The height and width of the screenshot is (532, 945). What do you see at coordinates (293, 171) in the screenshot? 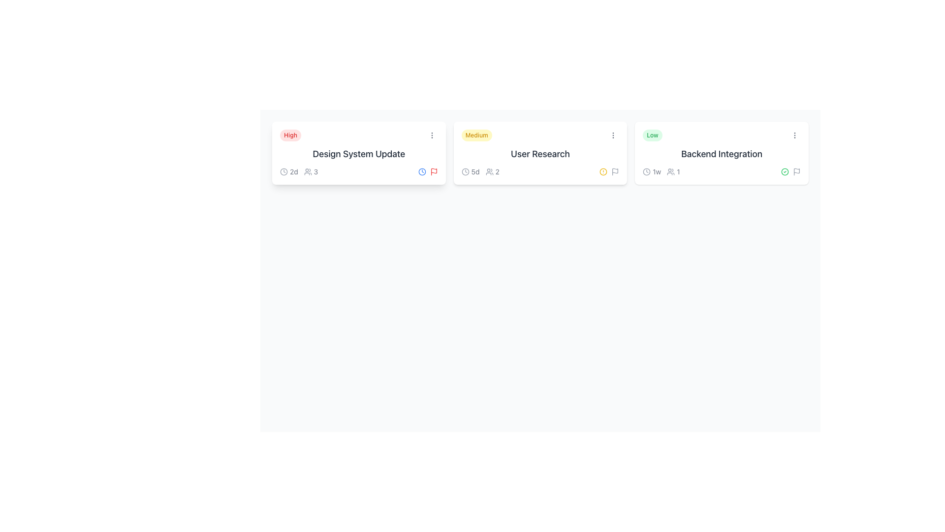
I see `the small light gray text displaying '2d'` at bounding box center [293, 171].